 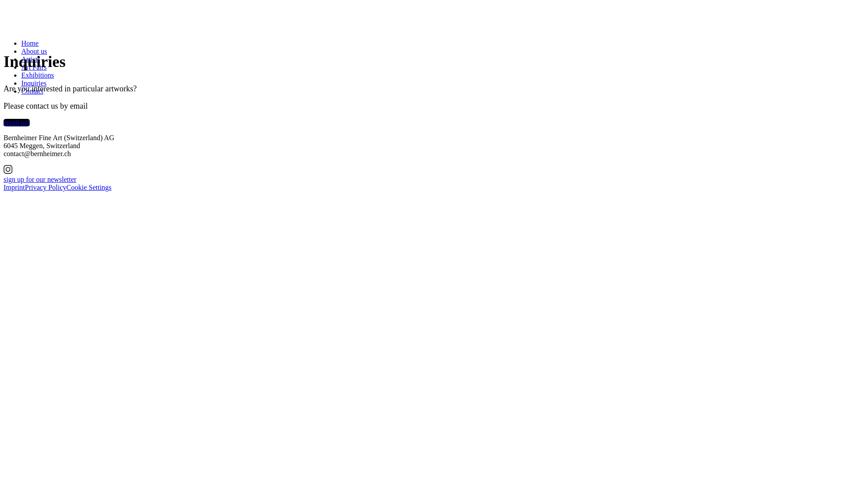 What do you see at coordinates (21, 91) in the screenshot?
I see `'Contact'` at bounding box center [21, 91].